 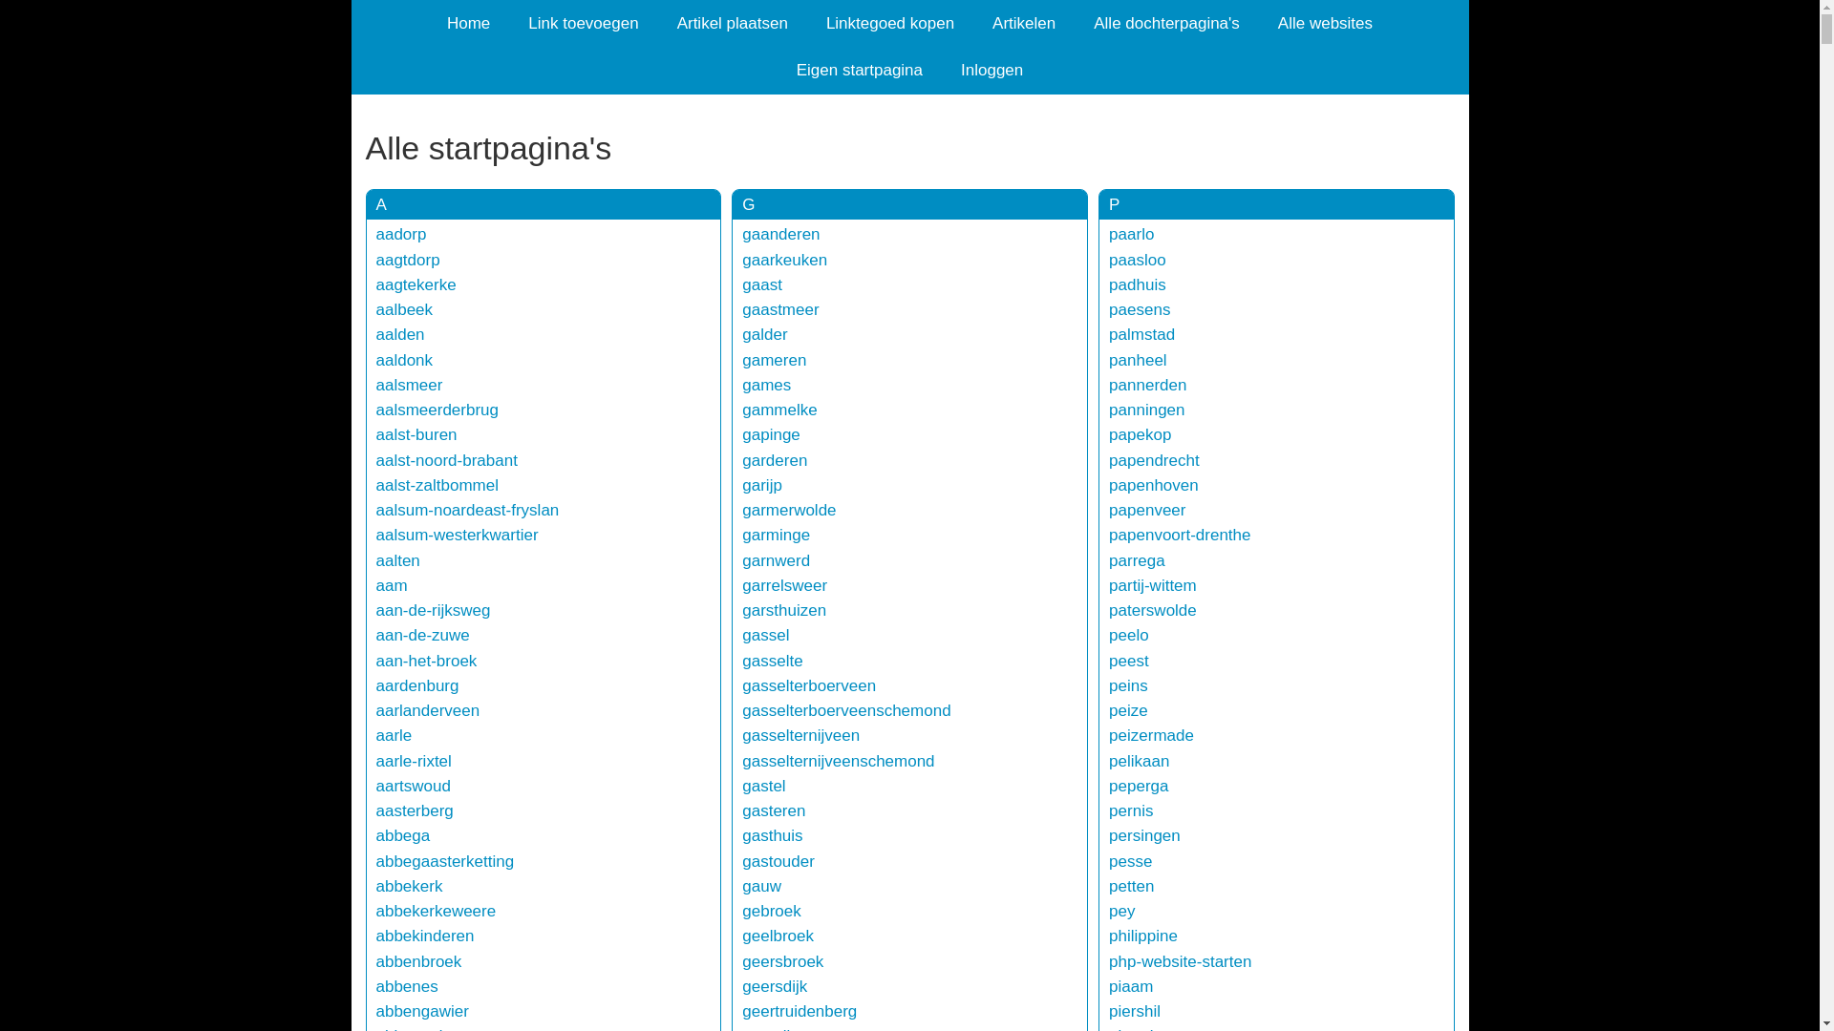 I want to click on 'galder', so click(x=764, y=333).